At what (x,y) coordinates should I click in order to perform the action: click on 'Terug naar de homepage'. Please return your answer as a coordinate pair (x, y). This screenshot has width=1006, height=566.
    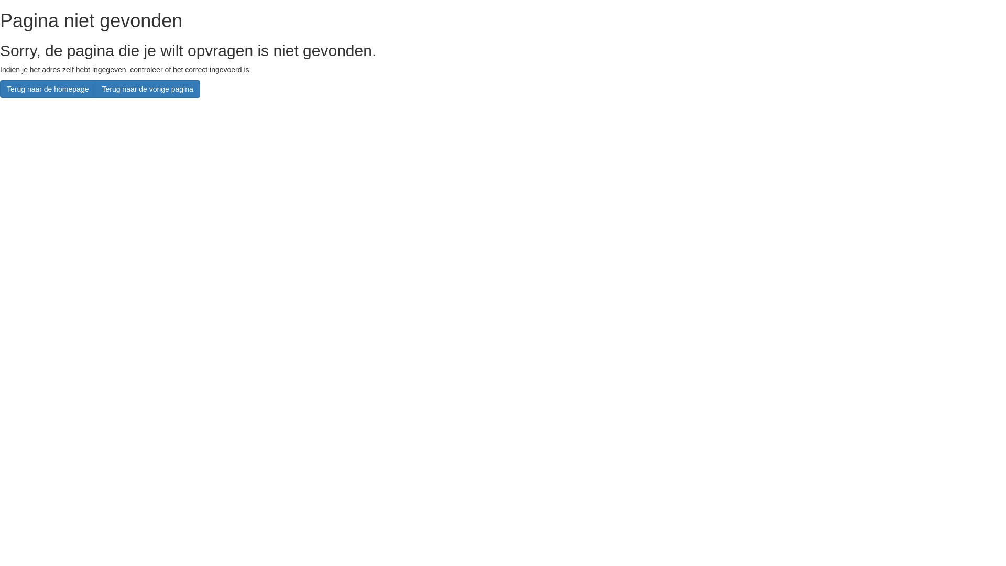
    Looking at the image, I should click on (47, 88).